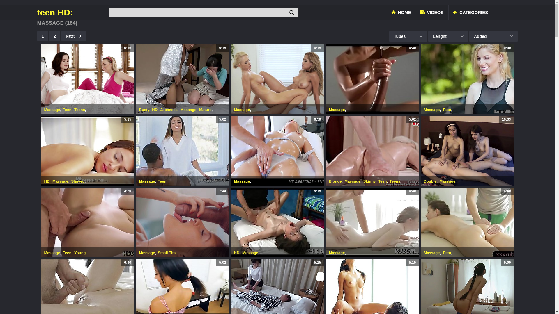 This screenshot has width=559, height=314. Describe the element at coordinates (372, 222) in the screenshot. I see `'6:40'` at that location.